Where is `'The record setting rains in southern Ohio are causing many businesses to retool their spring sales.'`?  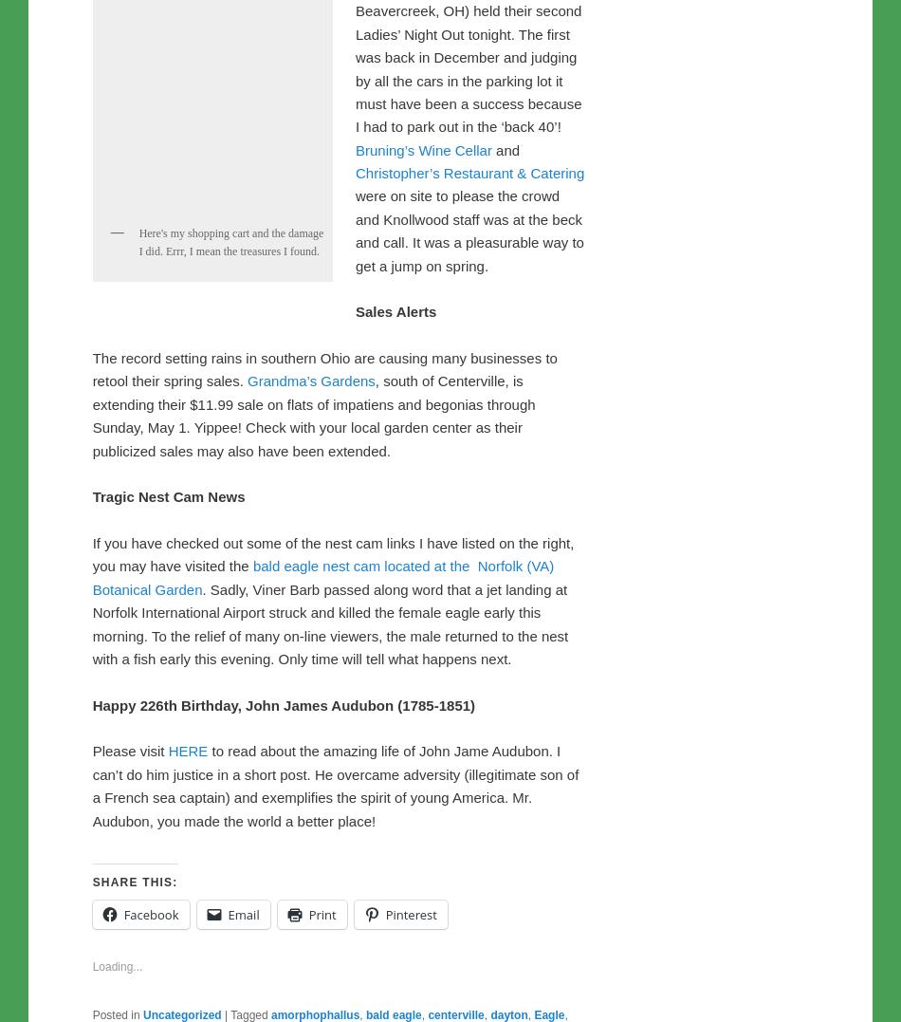 'The record setting rains in southern Ohio are causing many businesses to retool their spring sales.' is located at coordinates (91, 766).